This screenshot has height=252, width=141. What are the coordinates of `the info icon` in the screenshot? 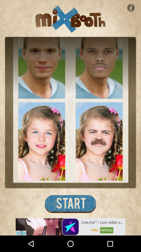 It's located at (131, 7).